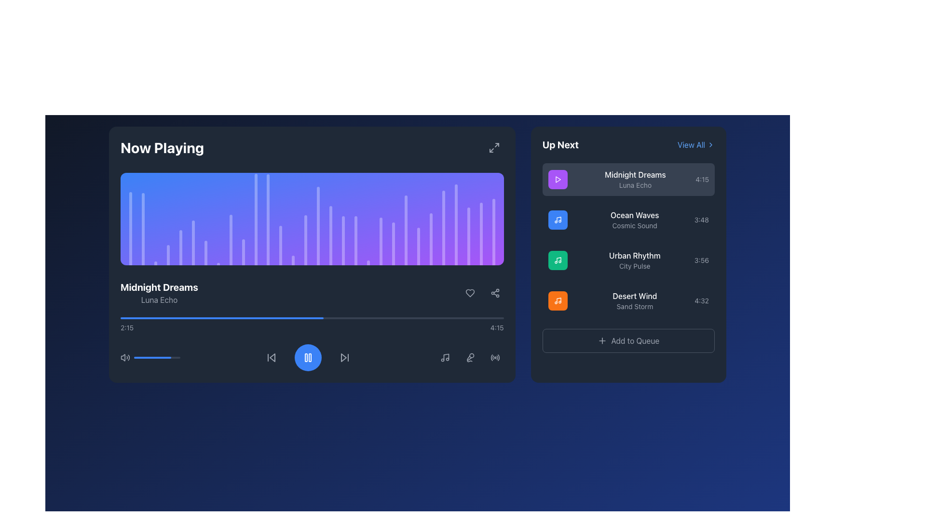 Image resolution: width=926 pixels, height=520 pixels. I want to click on the circular button with a hover effect and an arrow pointing towards the top-right corner, so click(494, 148).